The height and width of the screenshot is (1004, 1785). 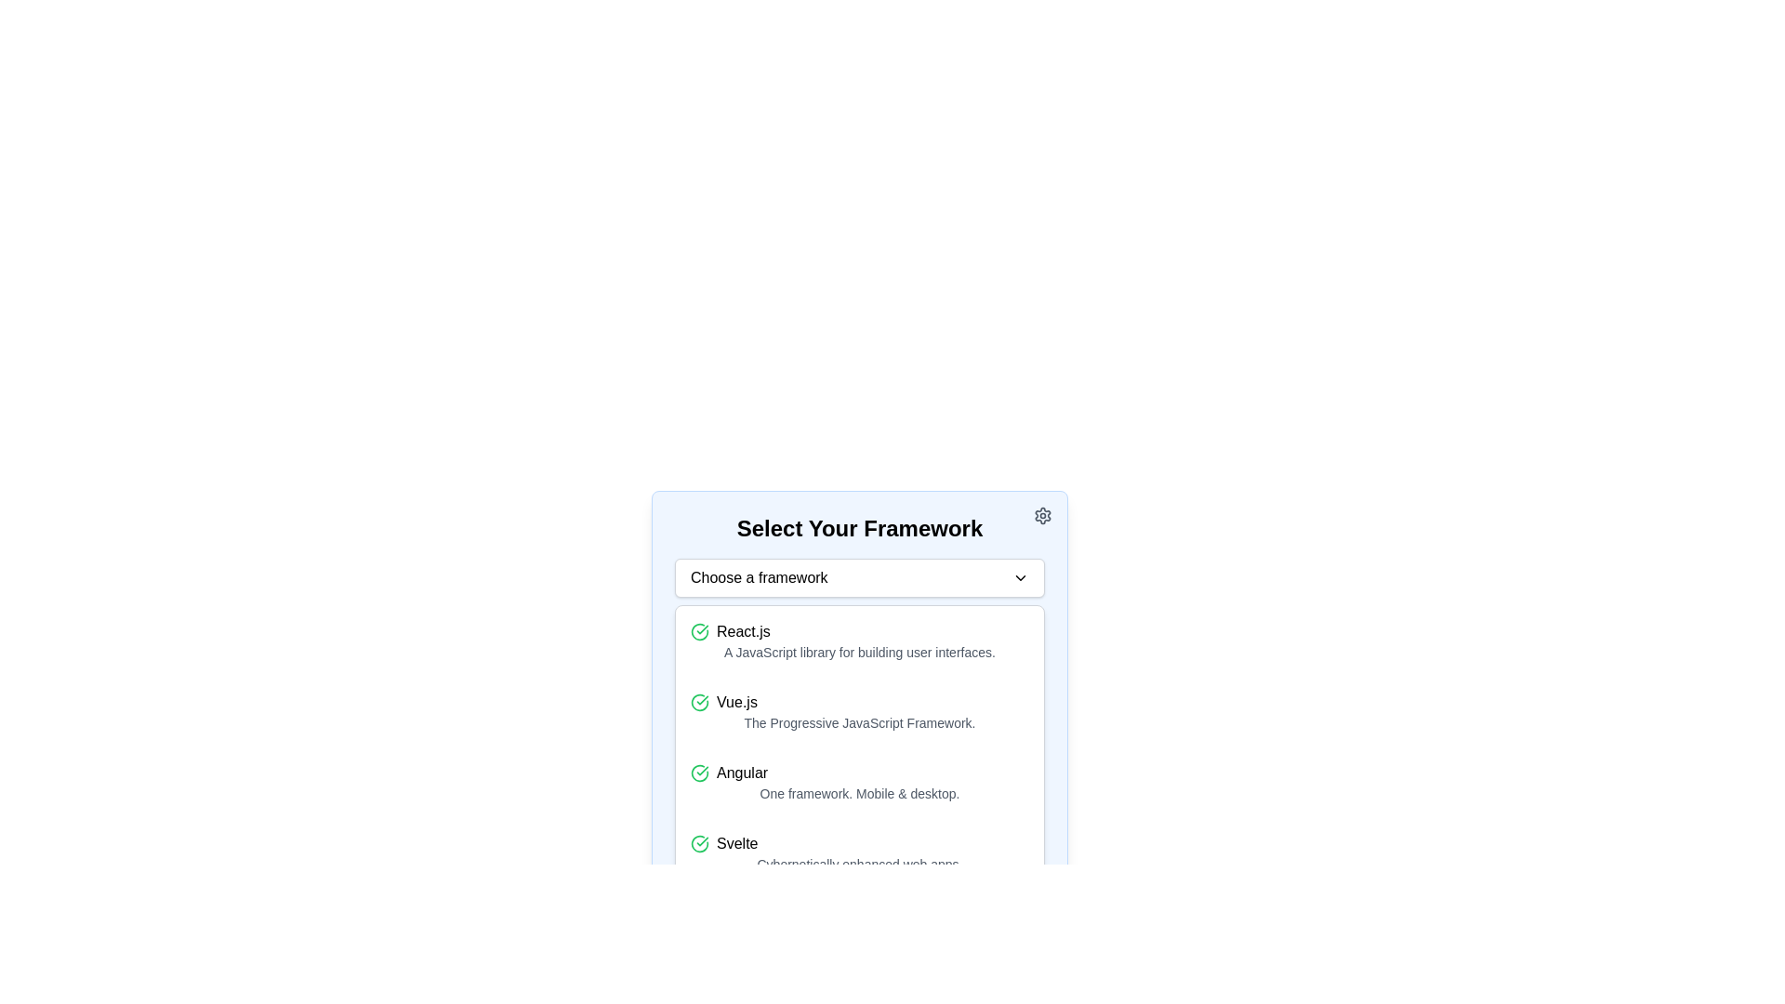 What do you see at coordinates (859, 853) in the screenshot?
I see `the fourth item in the vertically-stacked list of framework options that allows users to select 'Svelte'` at bounding box center [859, 853].